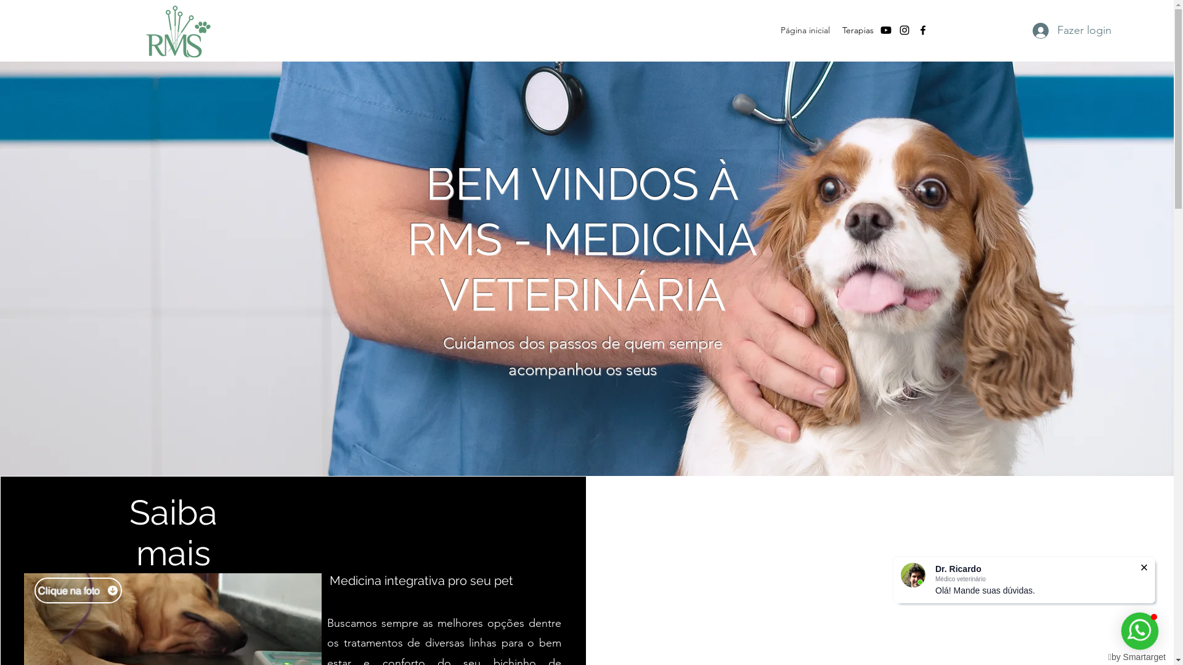  I want to click on 'Terapias', so click(857, 30).